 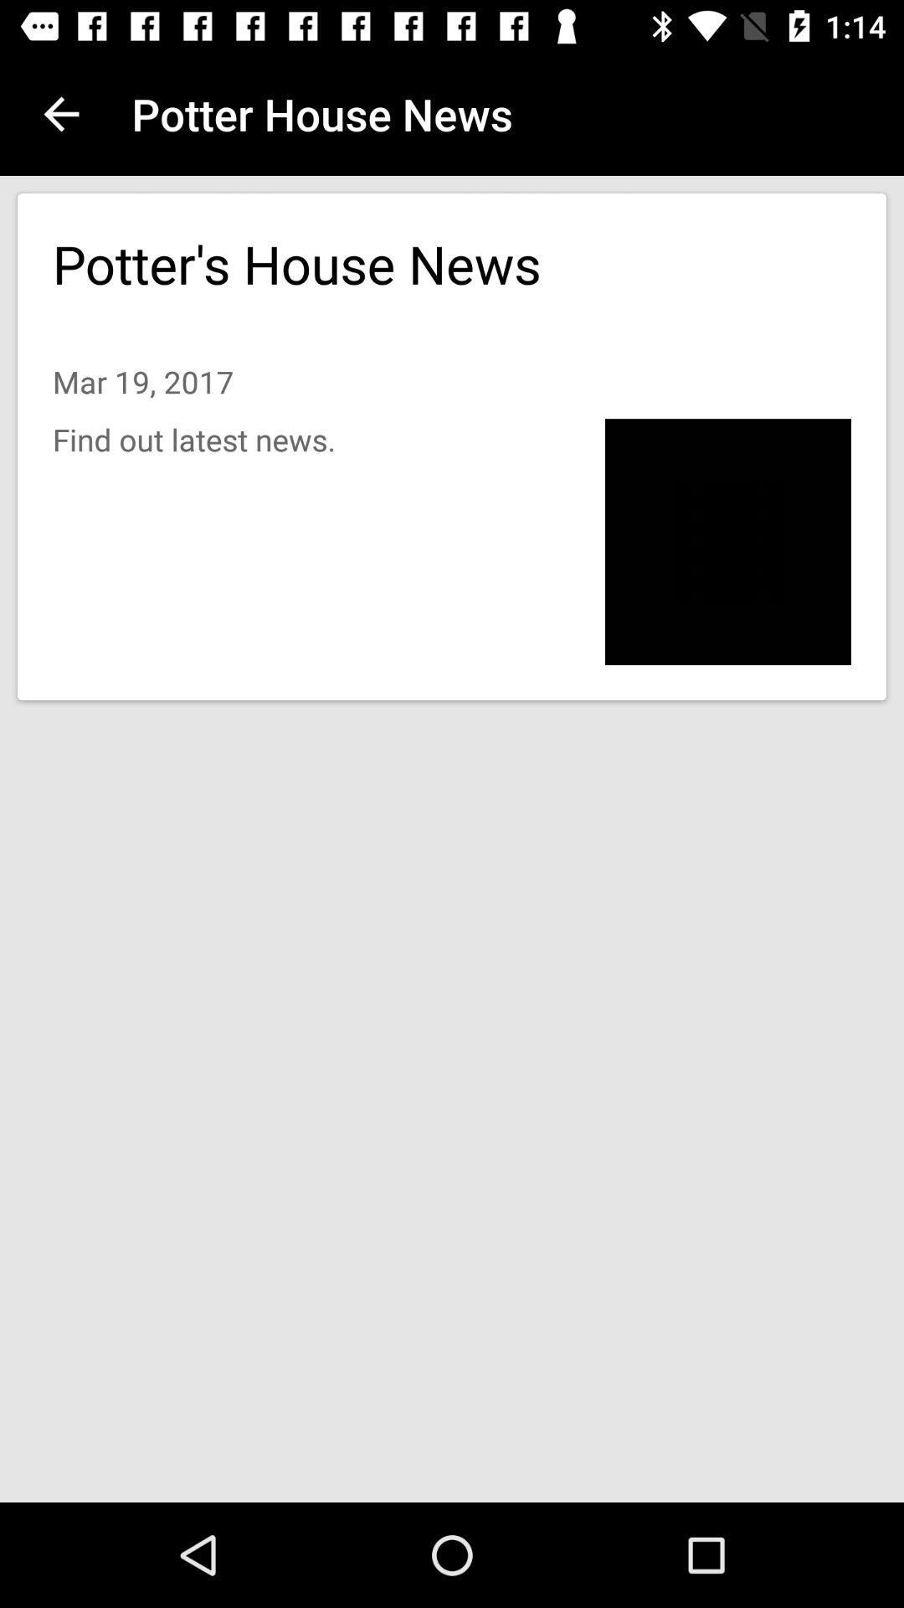 I want to click on item above the potter s house, so click(x=60, y=113).